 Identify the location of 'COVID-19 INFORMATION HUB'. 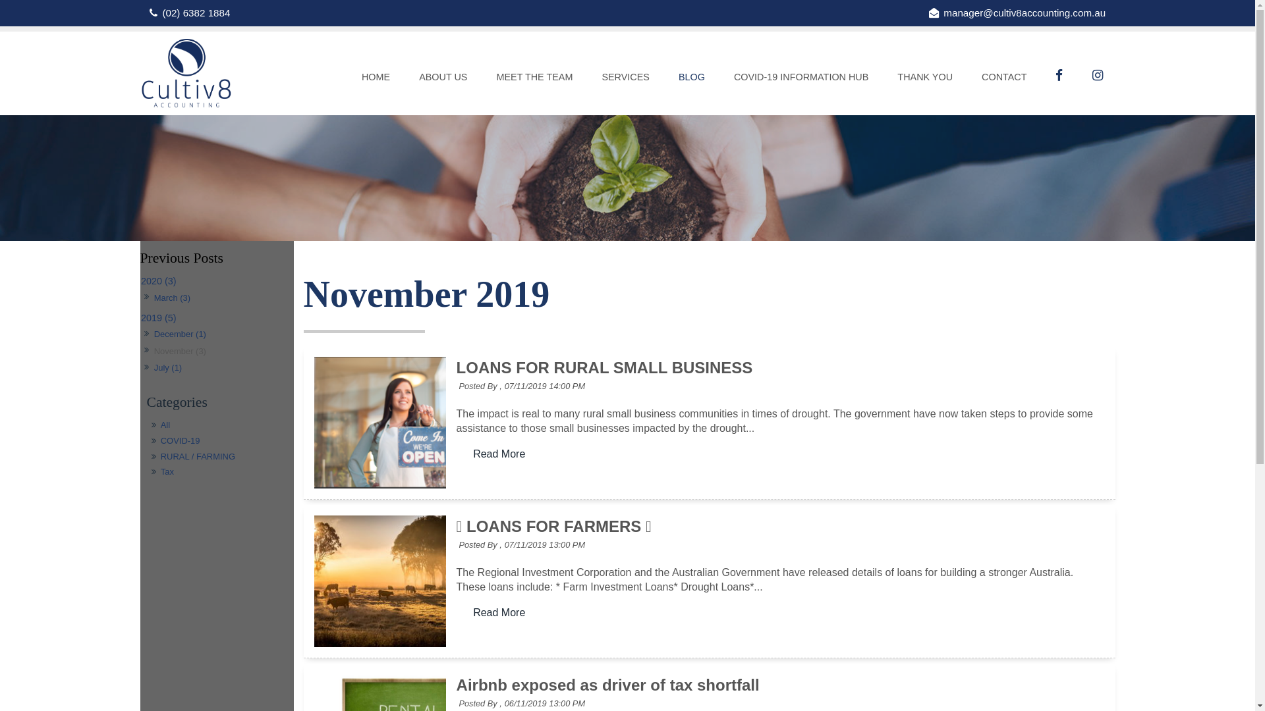
(800, 78).